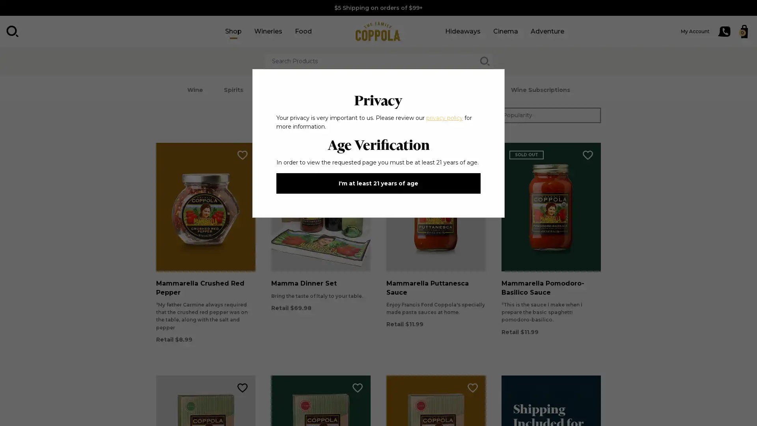 Image resolution: width=757 pixels, height=426 pixels. What do you see at coordinates (744, 31) in the screenshot?
I see `0 Cart` at bounding box center [744, 31].